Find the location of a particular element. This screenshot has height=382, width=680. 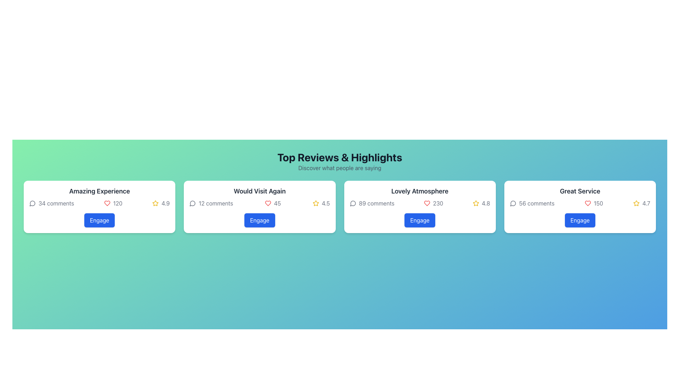

the star icon representing a user rating score of '4.7' located to the right of the label 'Great Service' in the fourth review card is located at coordinates (636, 203).